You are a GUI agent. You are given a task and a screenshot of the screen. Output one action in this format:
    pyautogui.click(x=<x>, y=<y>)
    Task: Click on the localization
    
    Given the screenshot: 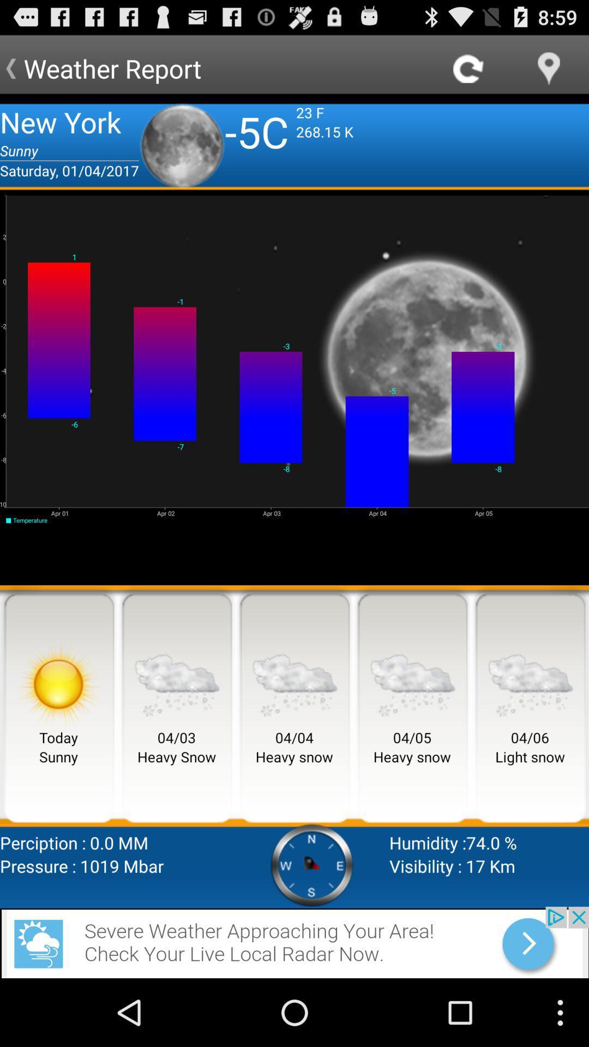 What is the action you would take?
    pyautogui.click(x=549, y=68)
    